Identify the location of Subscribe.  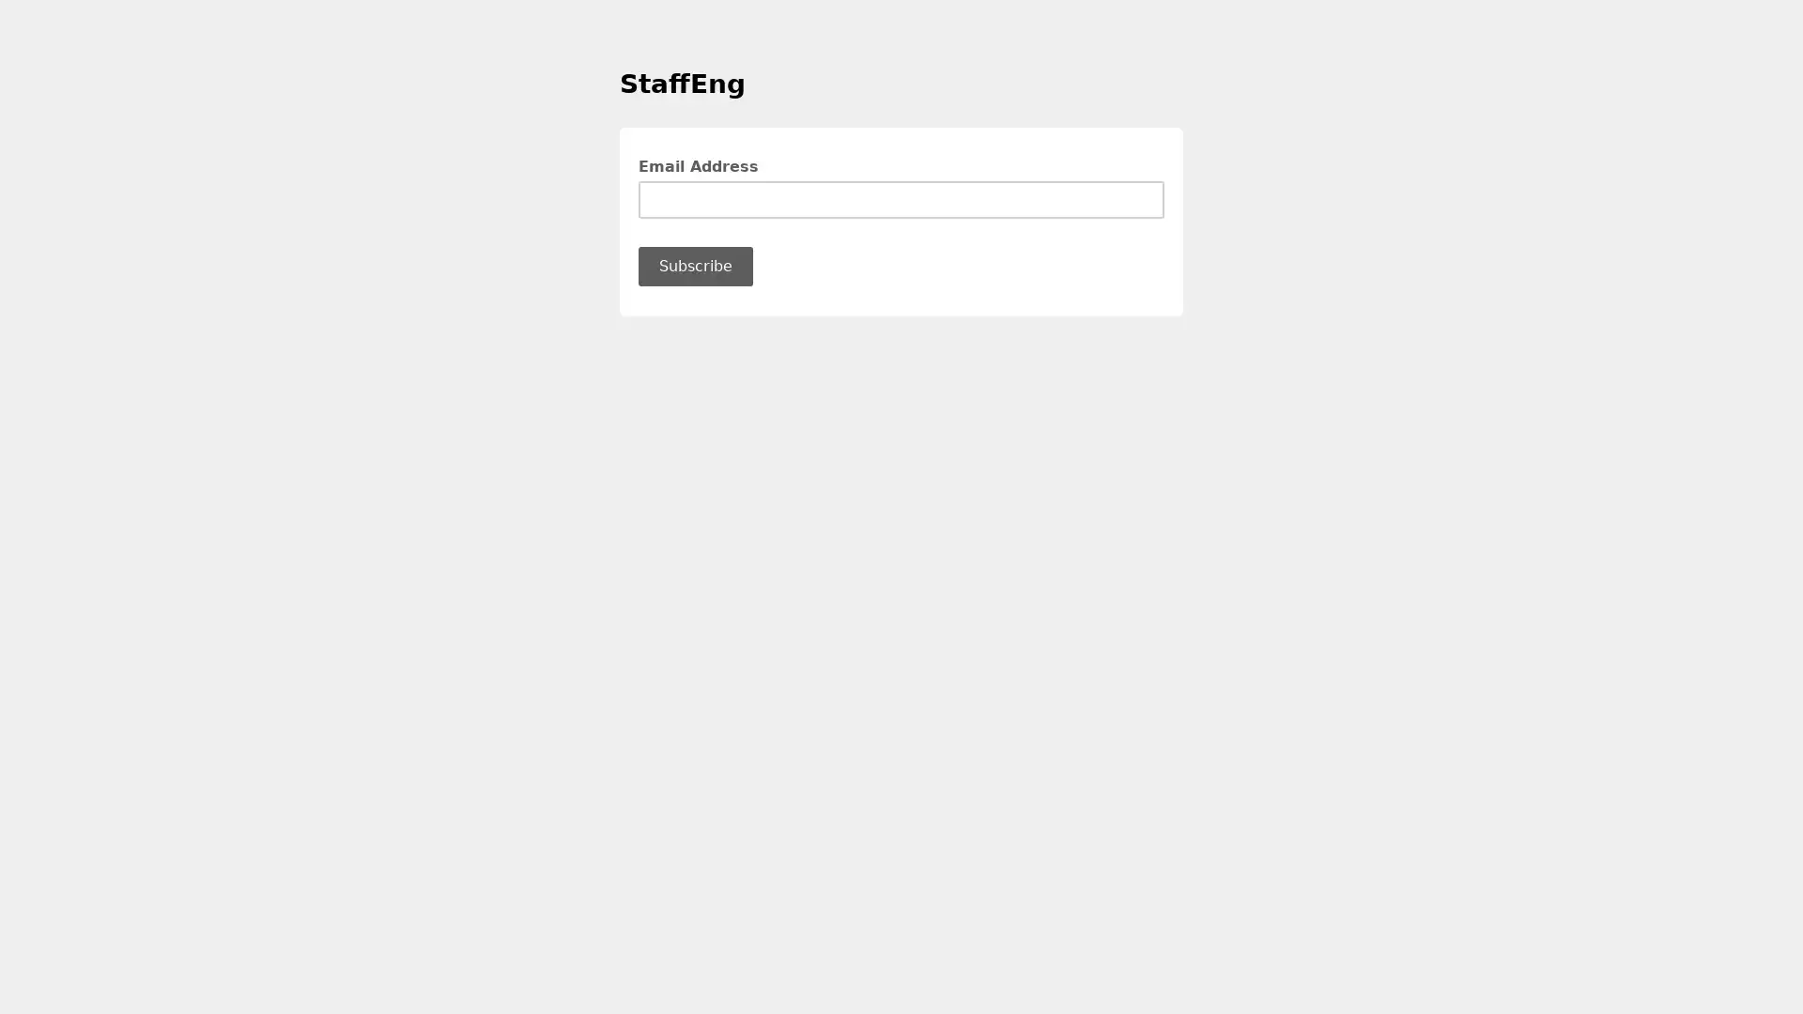
(694, 265).